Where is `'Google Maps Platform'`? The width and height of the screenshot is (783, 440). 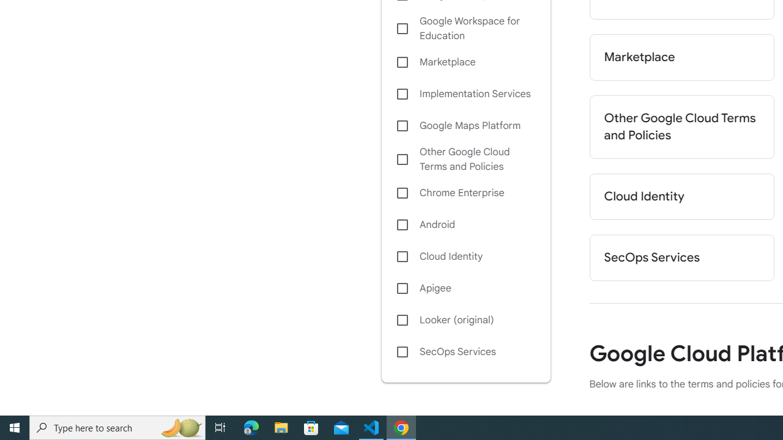 'Google Maps Platform' is located at coordinates (465, 125).